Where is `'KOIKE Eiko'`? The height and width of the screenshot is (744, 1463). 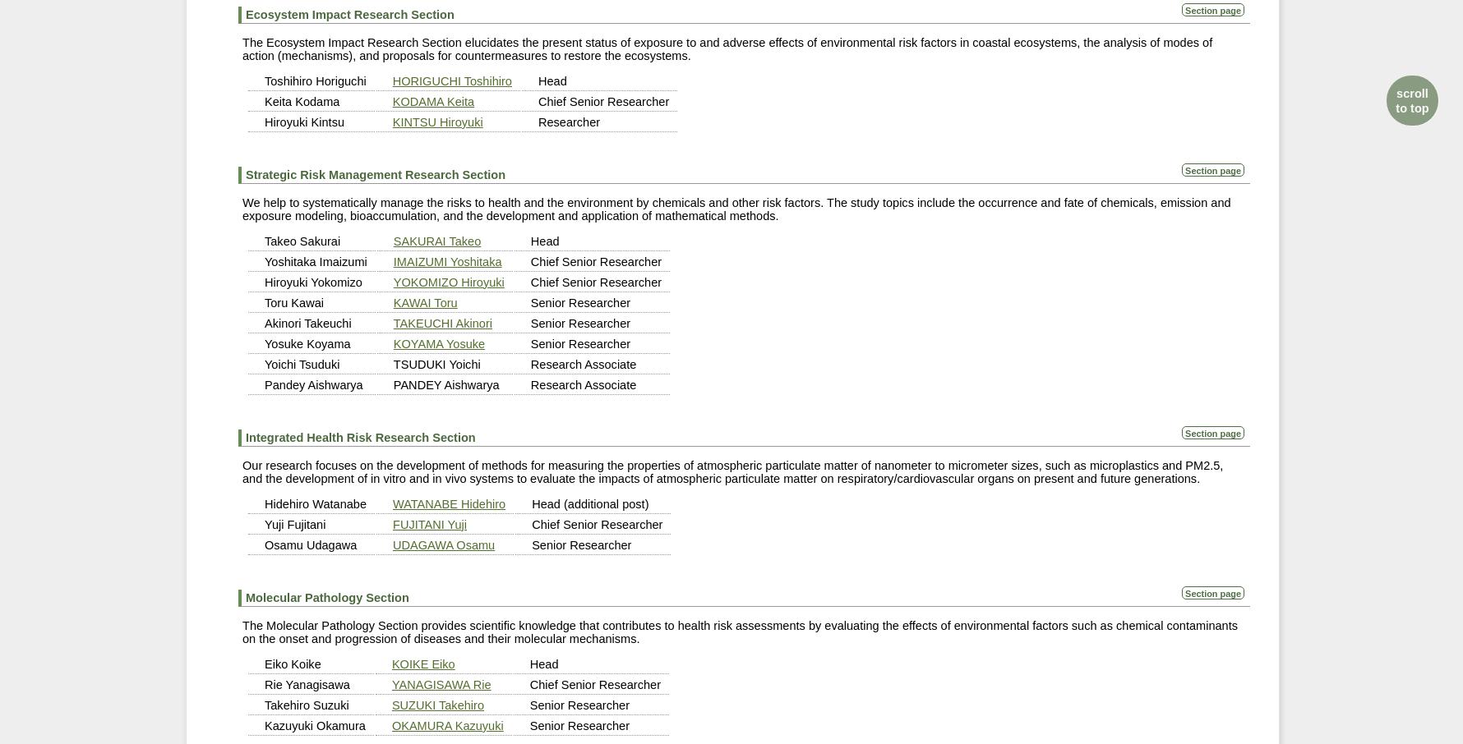
'KOIKE Eiko' is located at coordinates (422, 663).